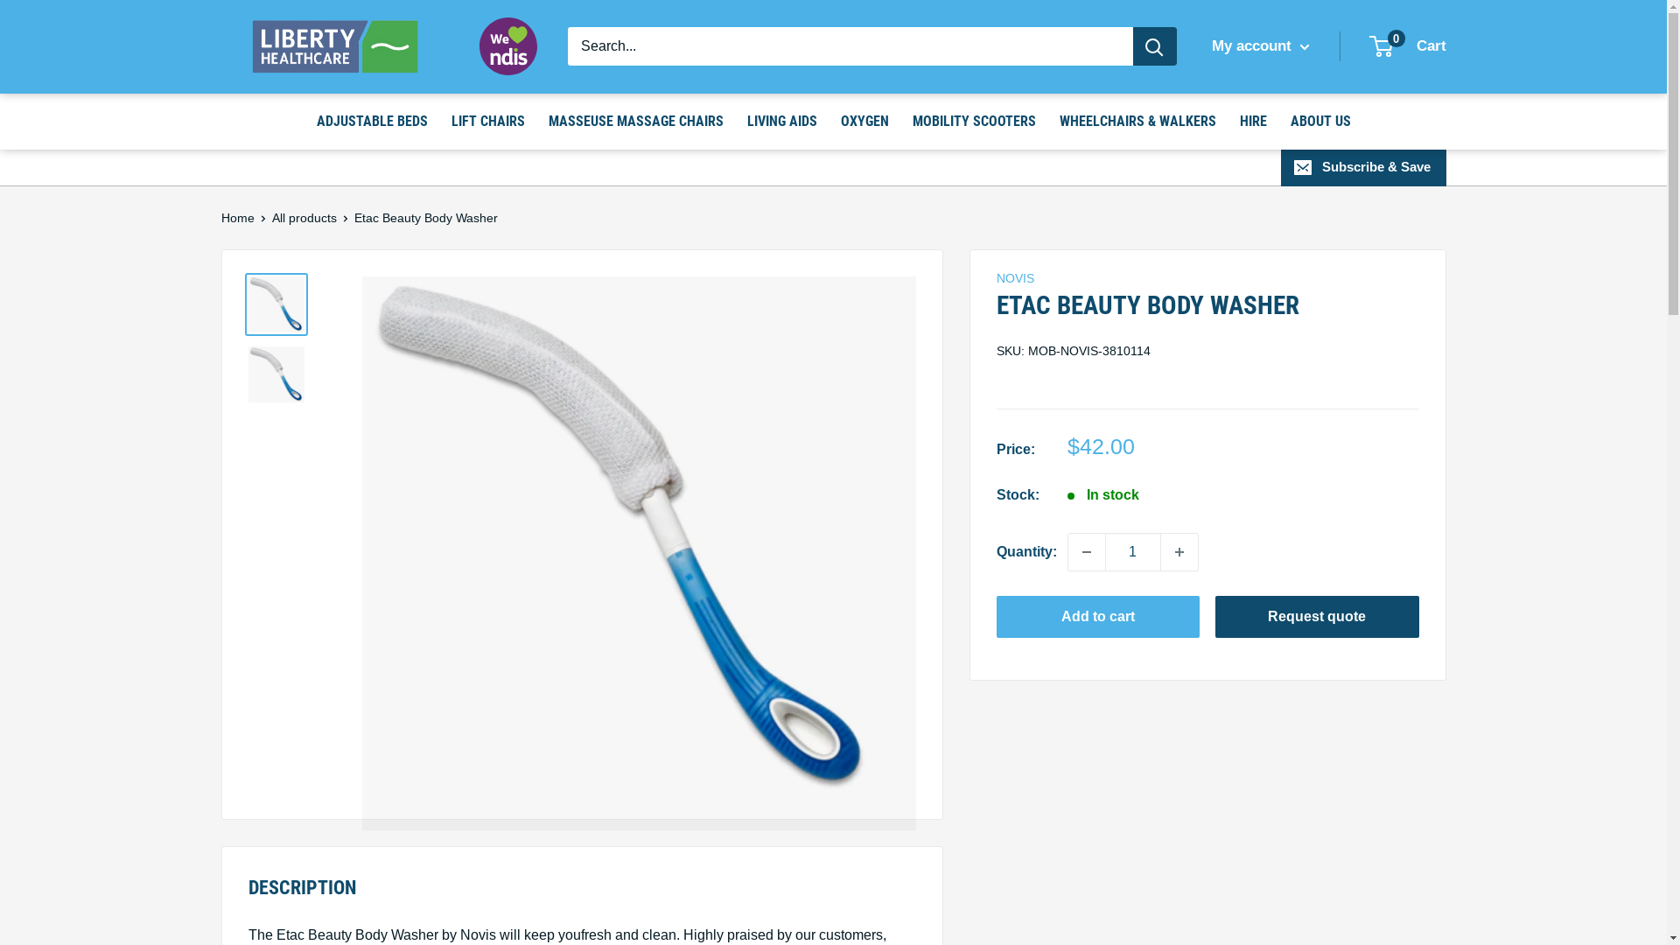 The image size is (1680, 945). What do you see at coordinates (1137, 120) in the screenshot?
I see `'WHEELCHAIRS & WALKERS'` at bounding box center [1137, 120].